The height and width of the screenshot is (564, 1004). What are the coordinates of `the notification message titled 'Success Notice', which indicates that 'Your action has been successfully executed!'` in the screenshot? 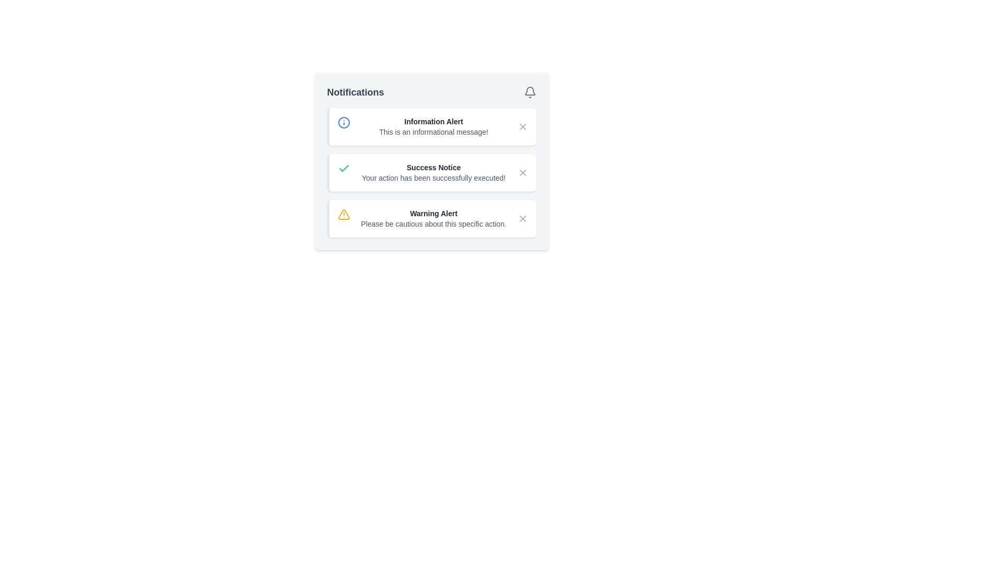 It's located at (433, 172).